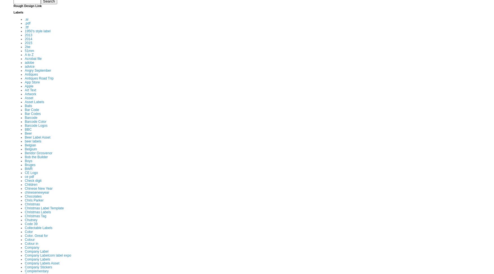 Image resolution: width=494 pixels, height=274 pixels. I want to click on 'Acrobat file', so click(33, 58).